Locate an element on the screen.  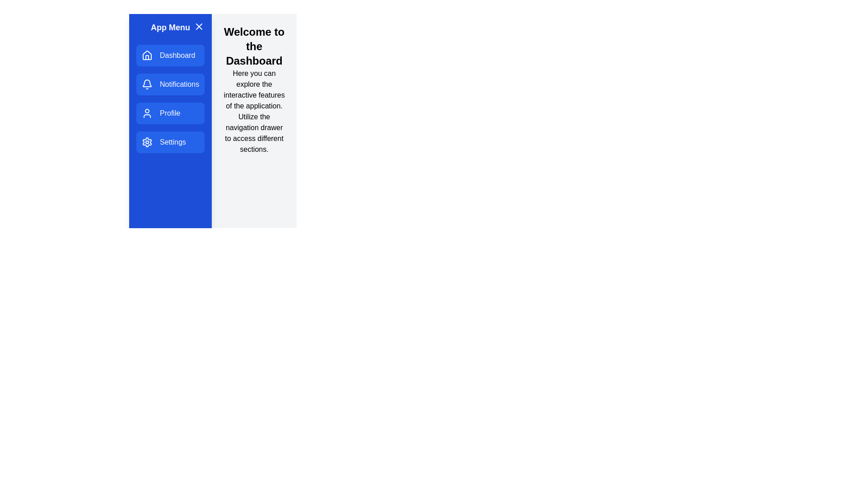
the 'Profile' text label in the left navigation menu, which is styled with a white font on a blue background and is located between 'Notifications' and 'Settings' is located at coordinates (170, 113).